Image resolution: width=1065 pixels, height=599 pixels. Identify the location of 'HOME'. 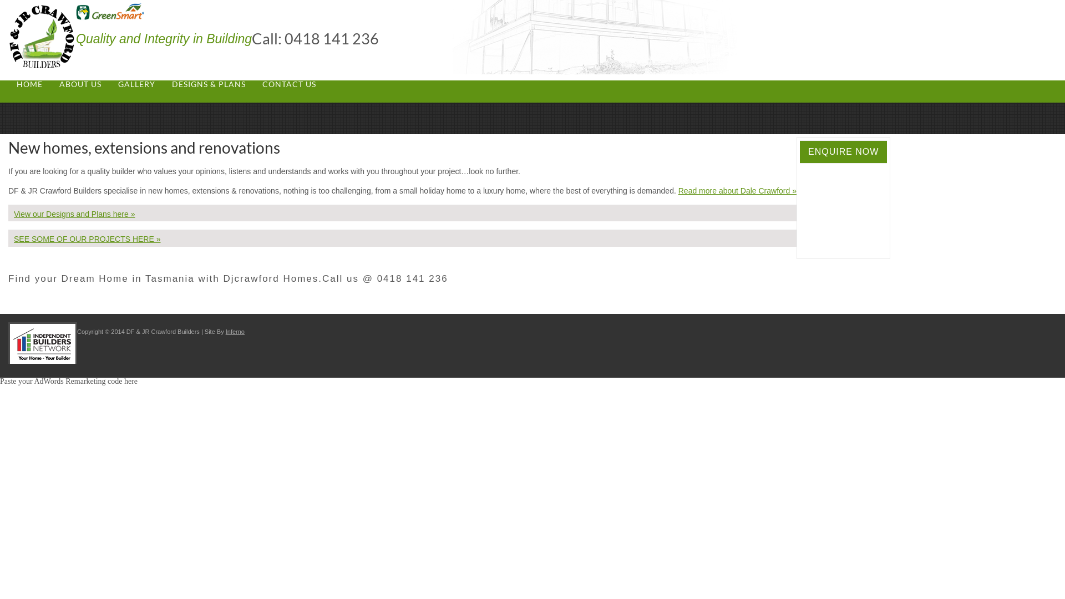
(29, 83).